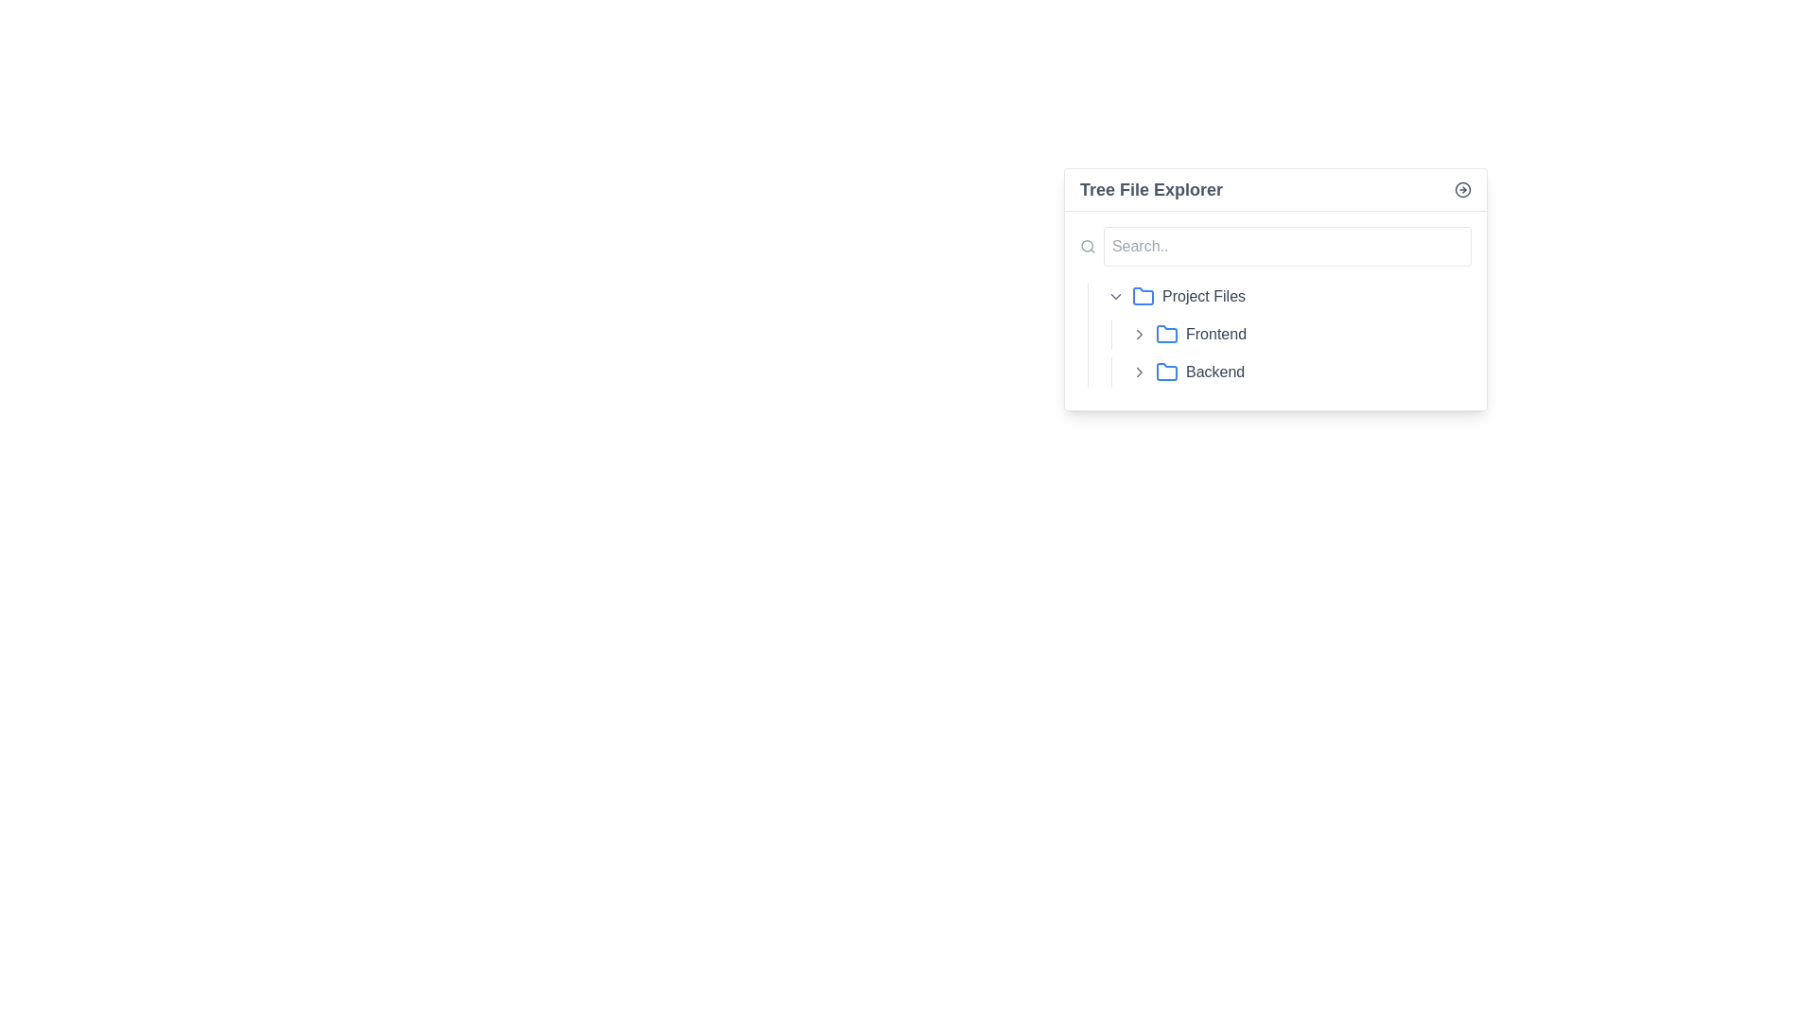 This screenshot has width=1816, height=1021. What do you see at coordinates (1290, 334) in the screenshot?
I see `the 'Frontend' folder item in the tree view interface` at bounding box center [1290, 334].